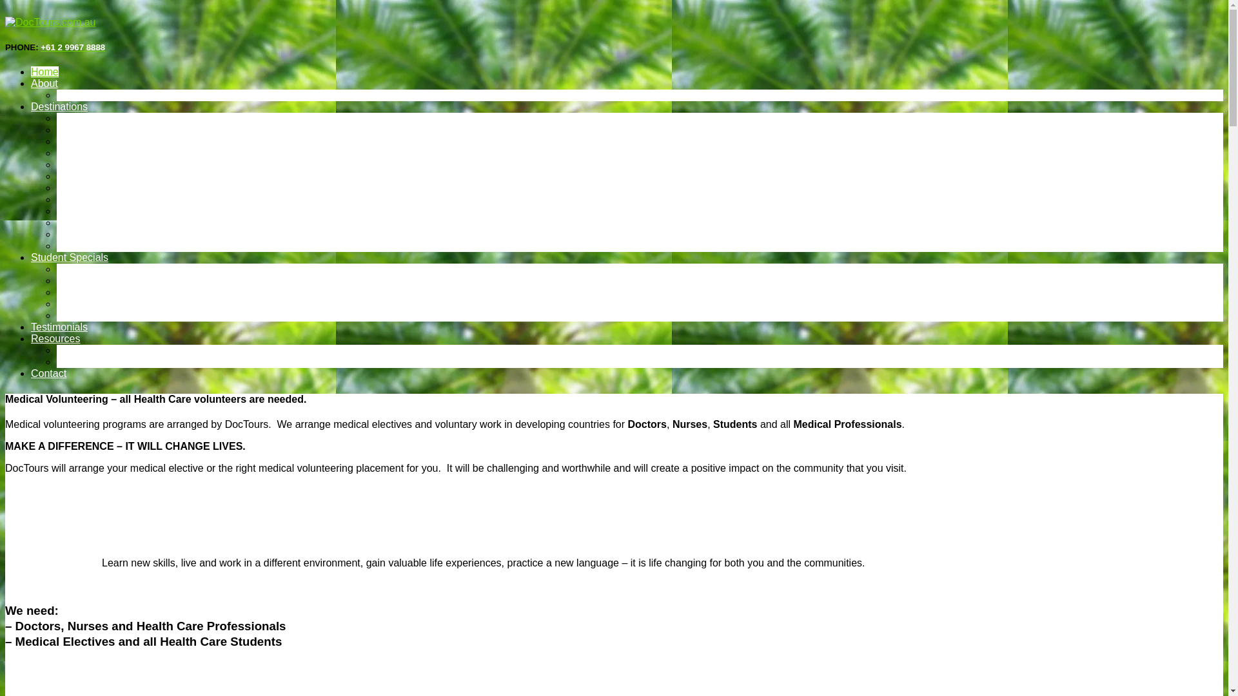  I want to click on 'Tonga', so click(70, 210).